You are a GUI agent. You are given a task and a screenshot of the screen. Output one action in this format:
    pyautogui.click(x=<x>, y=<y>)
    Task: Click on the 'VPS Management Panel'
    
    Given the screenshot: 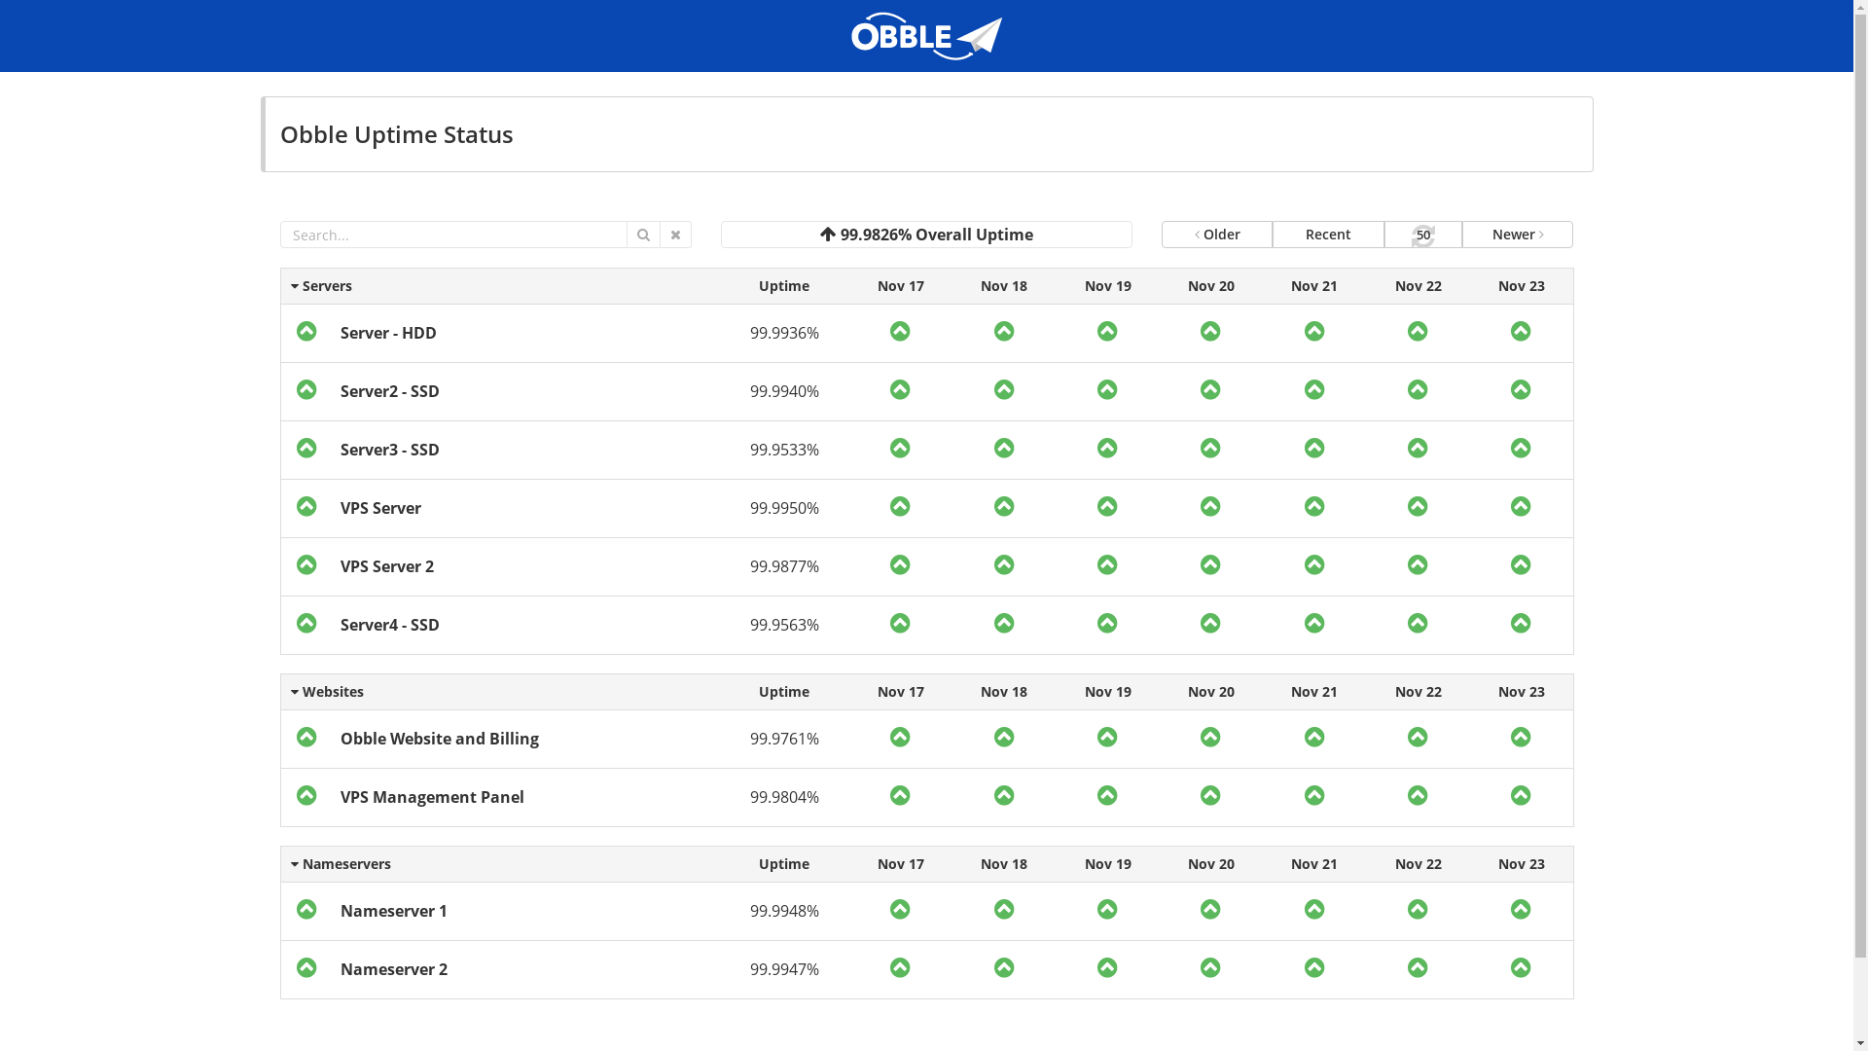 What is the action you would take?
    pyautogui.click(x=431, y=796)
    